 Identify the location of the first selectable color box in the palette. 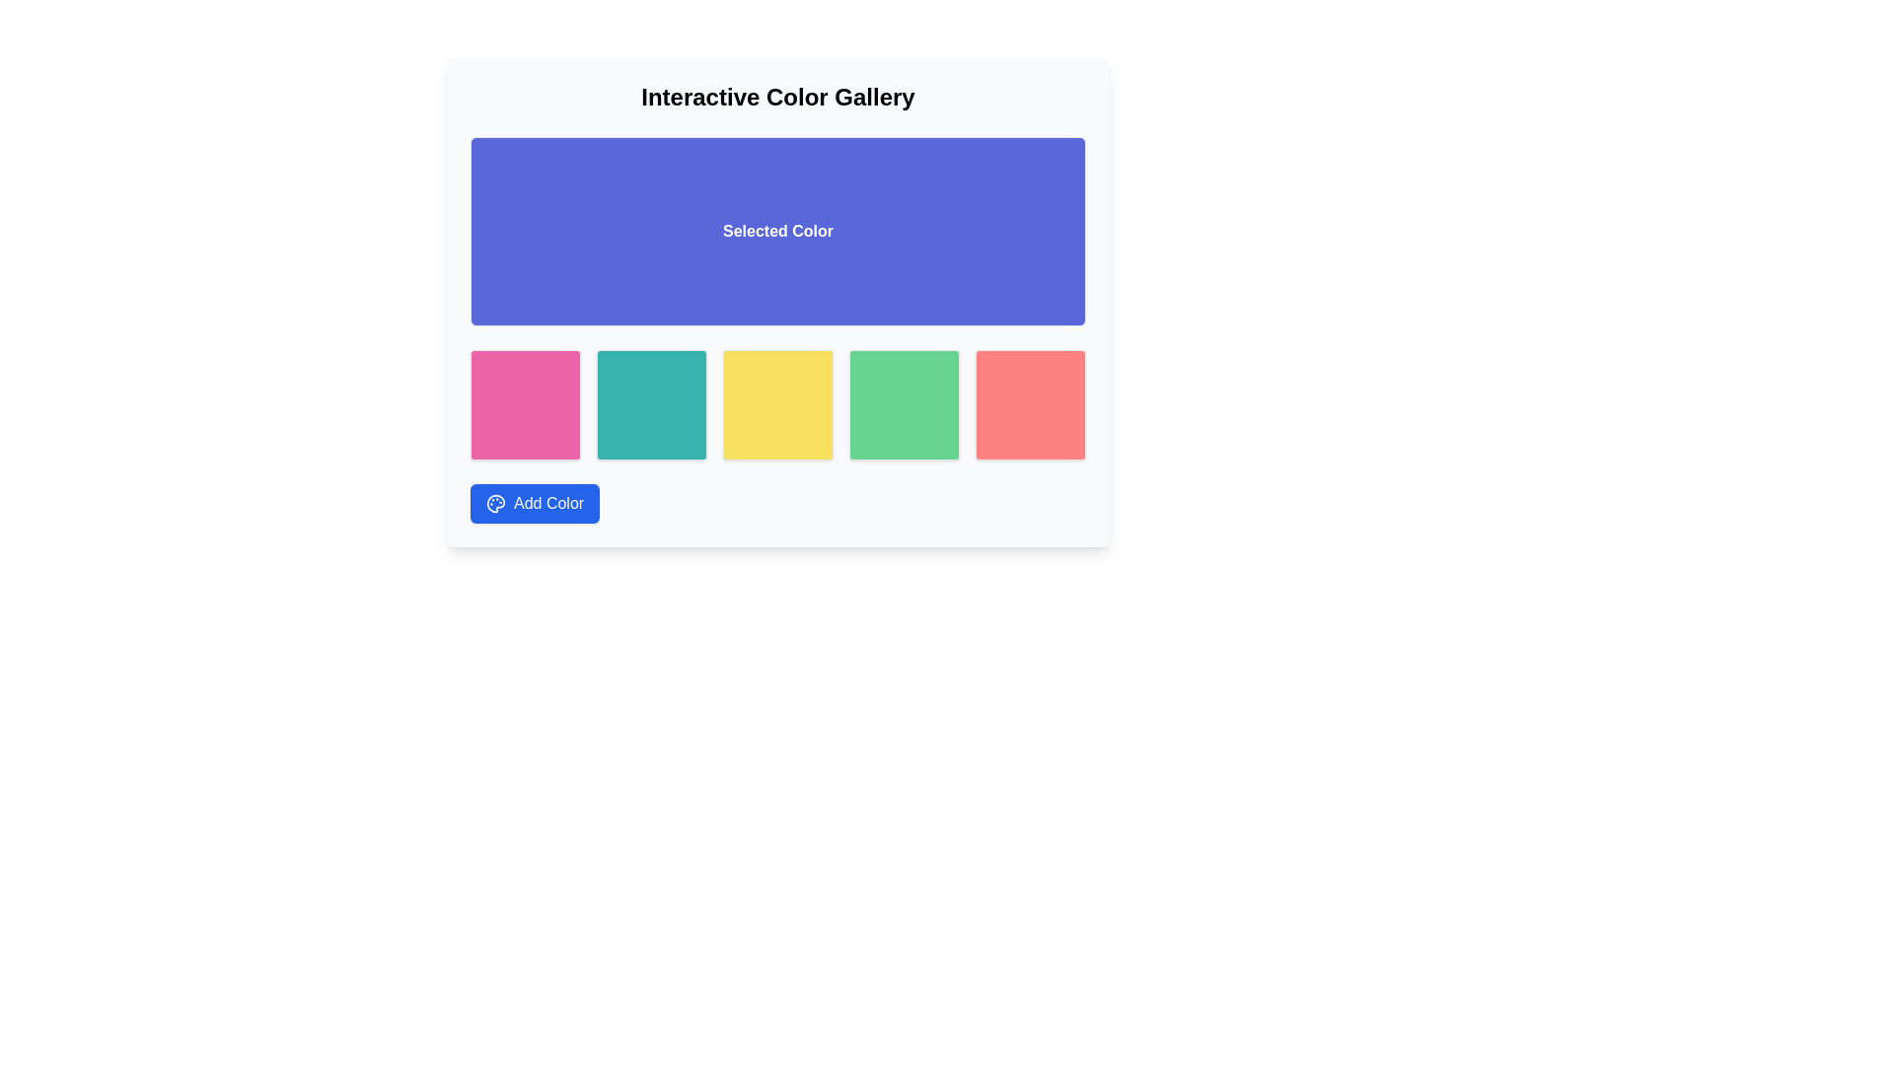
(525, 404).